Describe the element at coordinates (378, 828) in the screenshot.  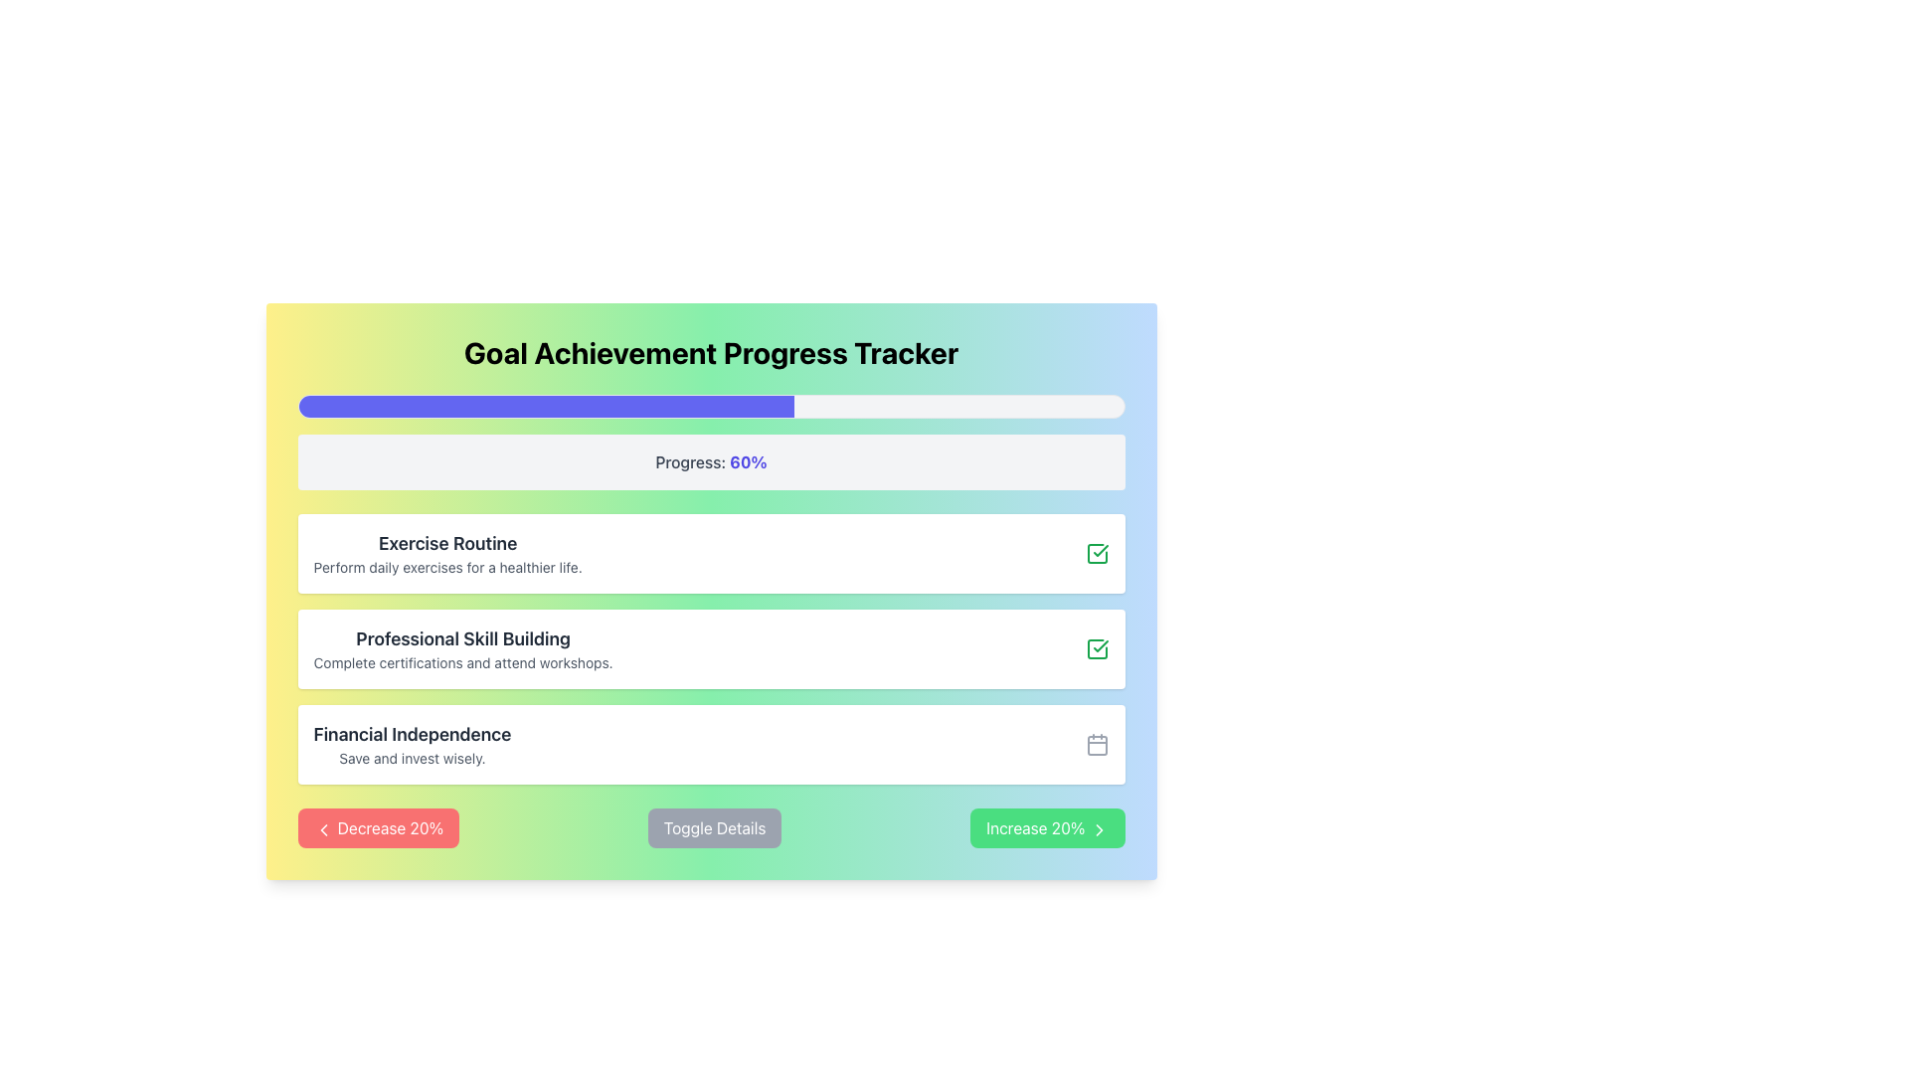
I see `the leftmost button at the bottom of the interface to decrease the value by 20%` at that location.